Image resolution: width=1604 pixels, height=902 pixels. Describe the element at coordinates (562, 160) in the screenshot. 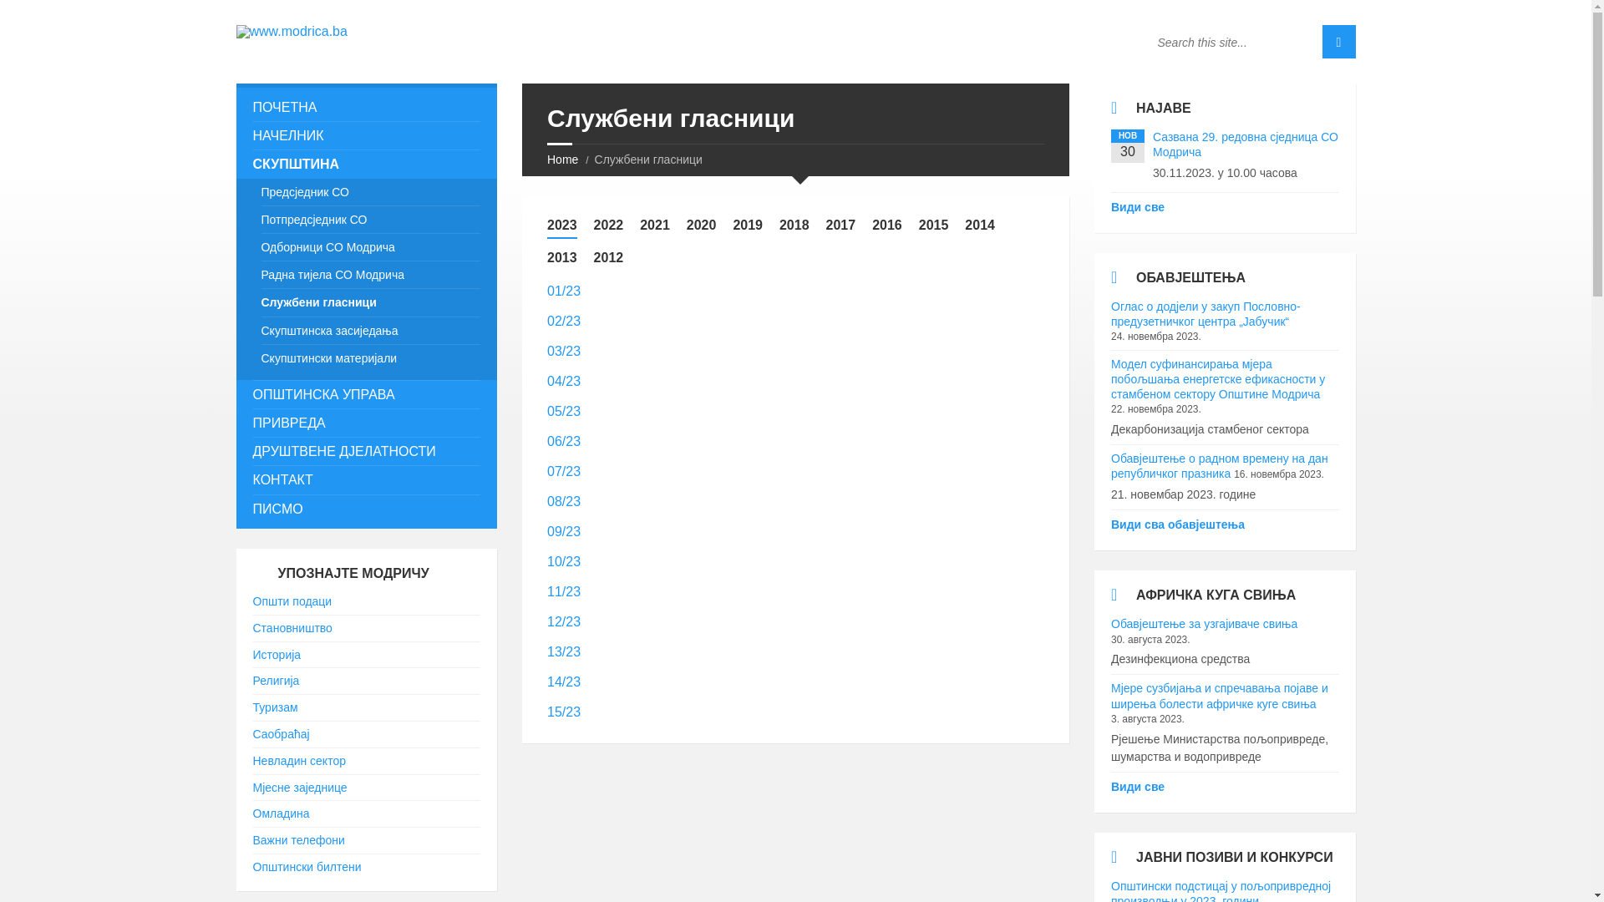

I see `'Home'` at that location.